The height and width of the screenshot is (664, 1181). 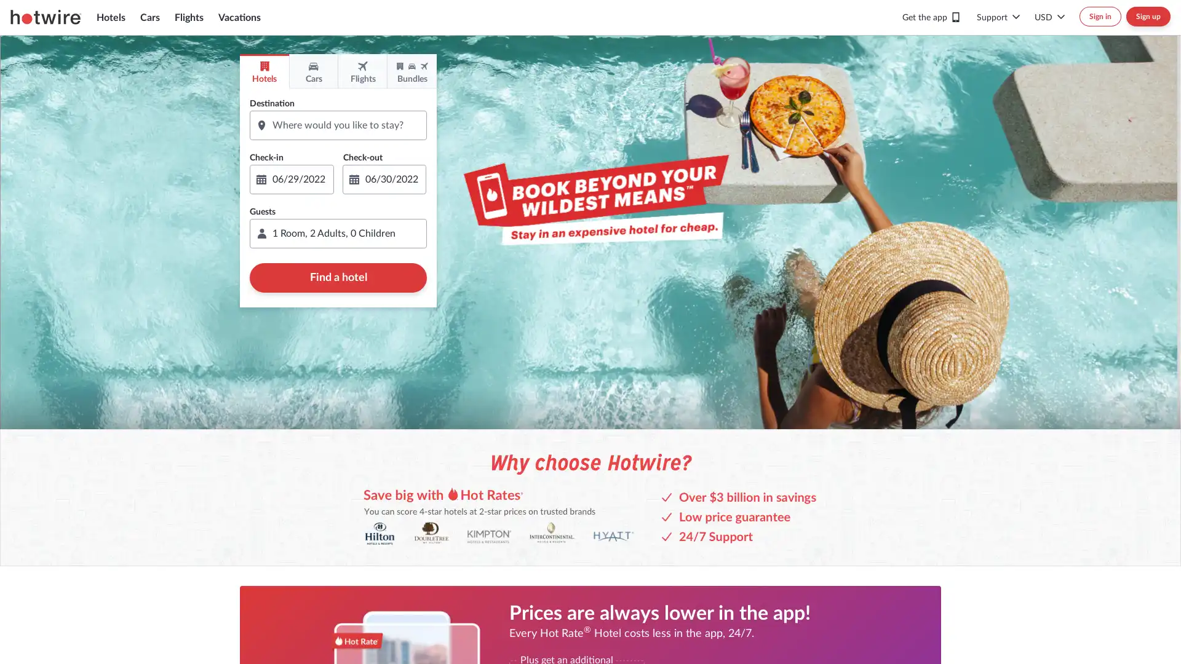 What do you see at coordinates (935, 18) in the screenshot?
I see `Get the app` at bounding box center [935, 18].